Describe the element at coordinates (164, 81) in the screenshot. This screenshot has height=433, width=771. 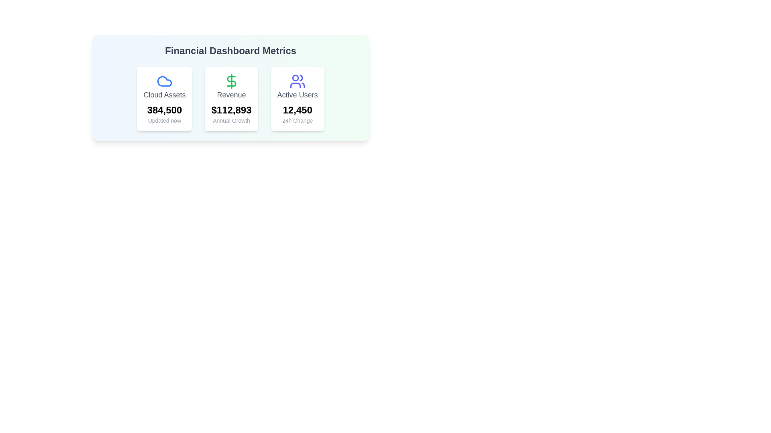
I see `the 'Cloud Assets' icon located at the top of the first card, which visually represents the cloud resources metric` at that location.